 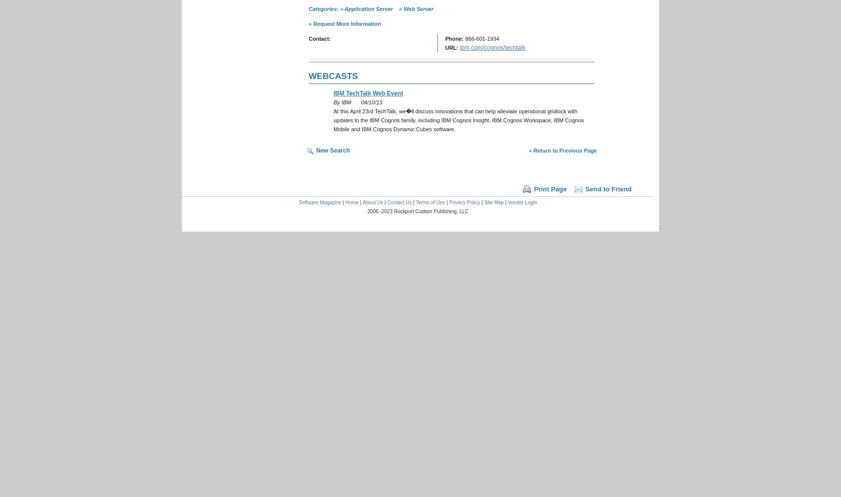 What do you see at coordinates (429, 202) in the screenshot?
I see `'Terms of Use'` at bounding box center [429, 202].